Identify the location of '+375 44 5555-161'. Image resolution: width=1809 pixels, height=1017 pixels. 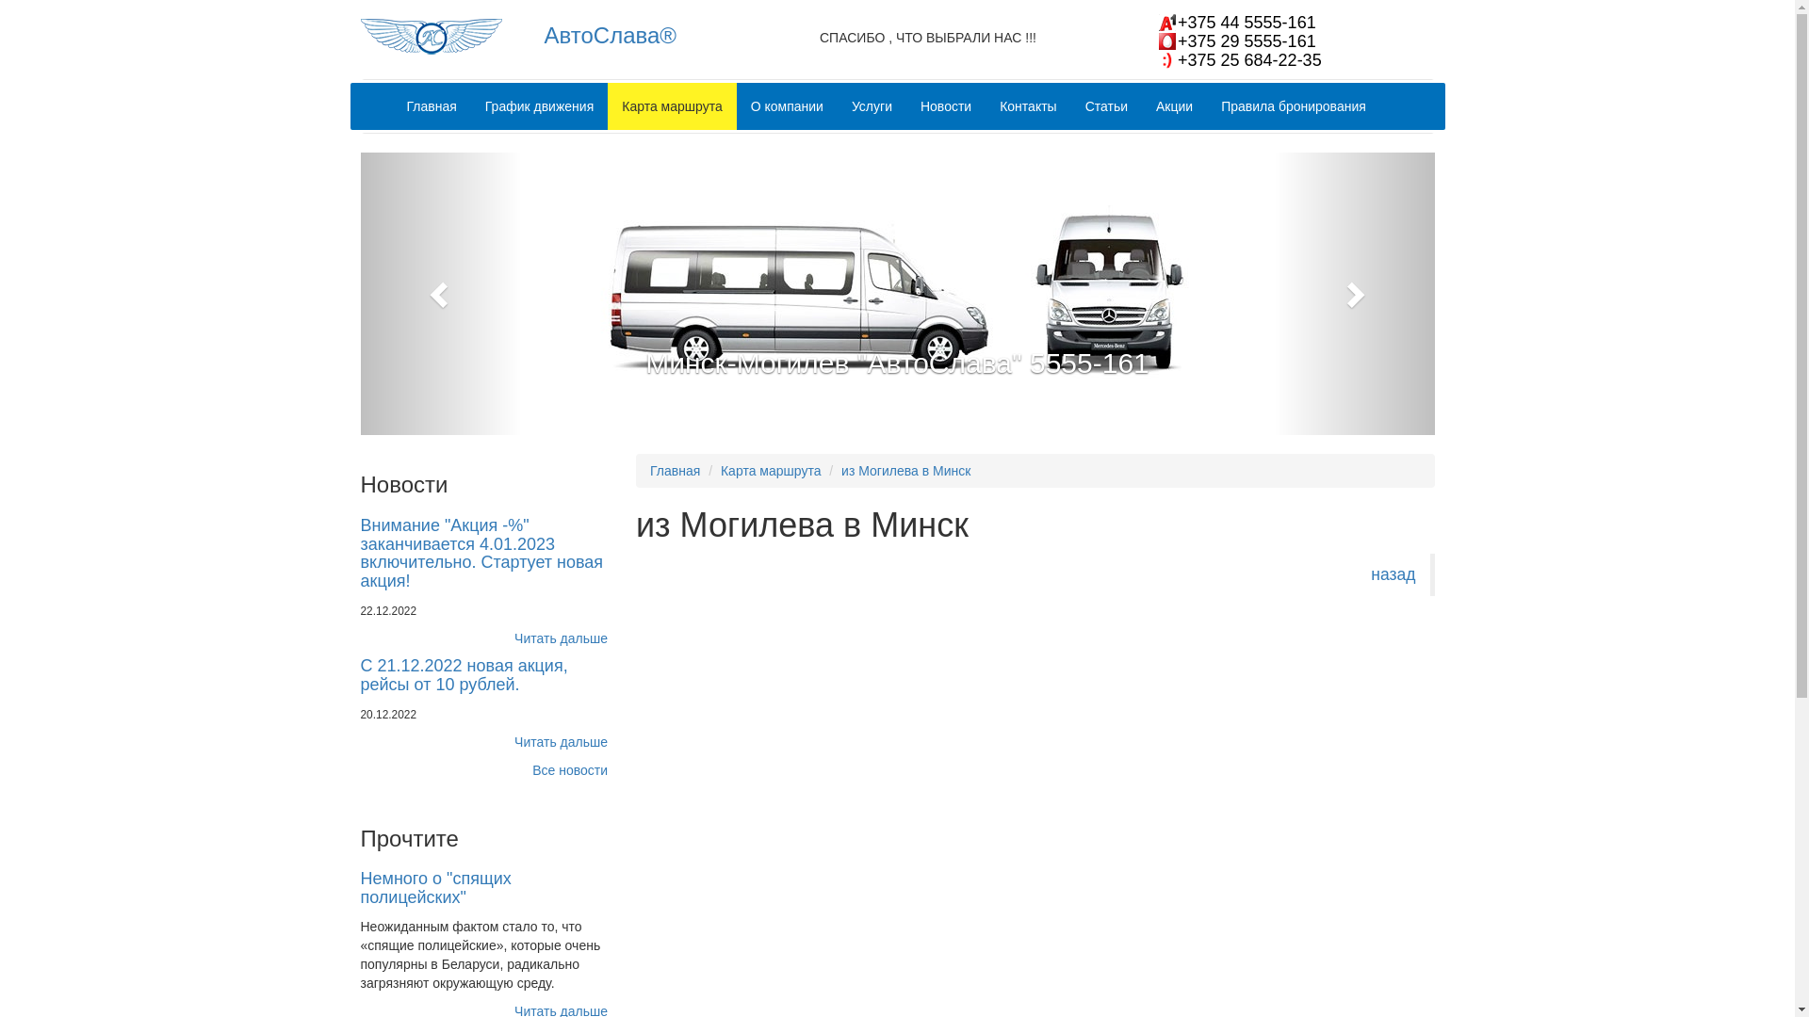
(1237, 22).